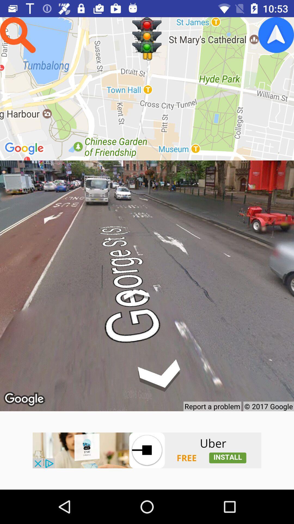  I want to click on google icon, so click(276, 35).